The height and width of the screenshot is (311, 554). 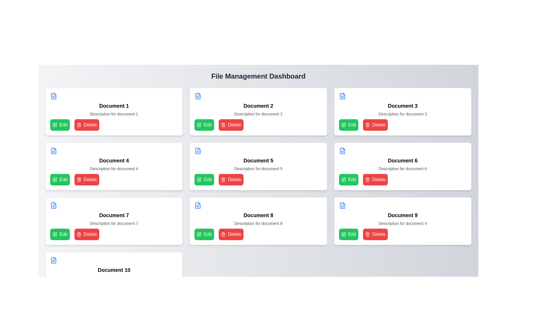 What do you see at coordinates (55, 179) in the screenshot?
I see `the 'Edit' button for 'Document 4' which contains a green and white icon resembling a pen or pencil` at bounding box center [55, 179].